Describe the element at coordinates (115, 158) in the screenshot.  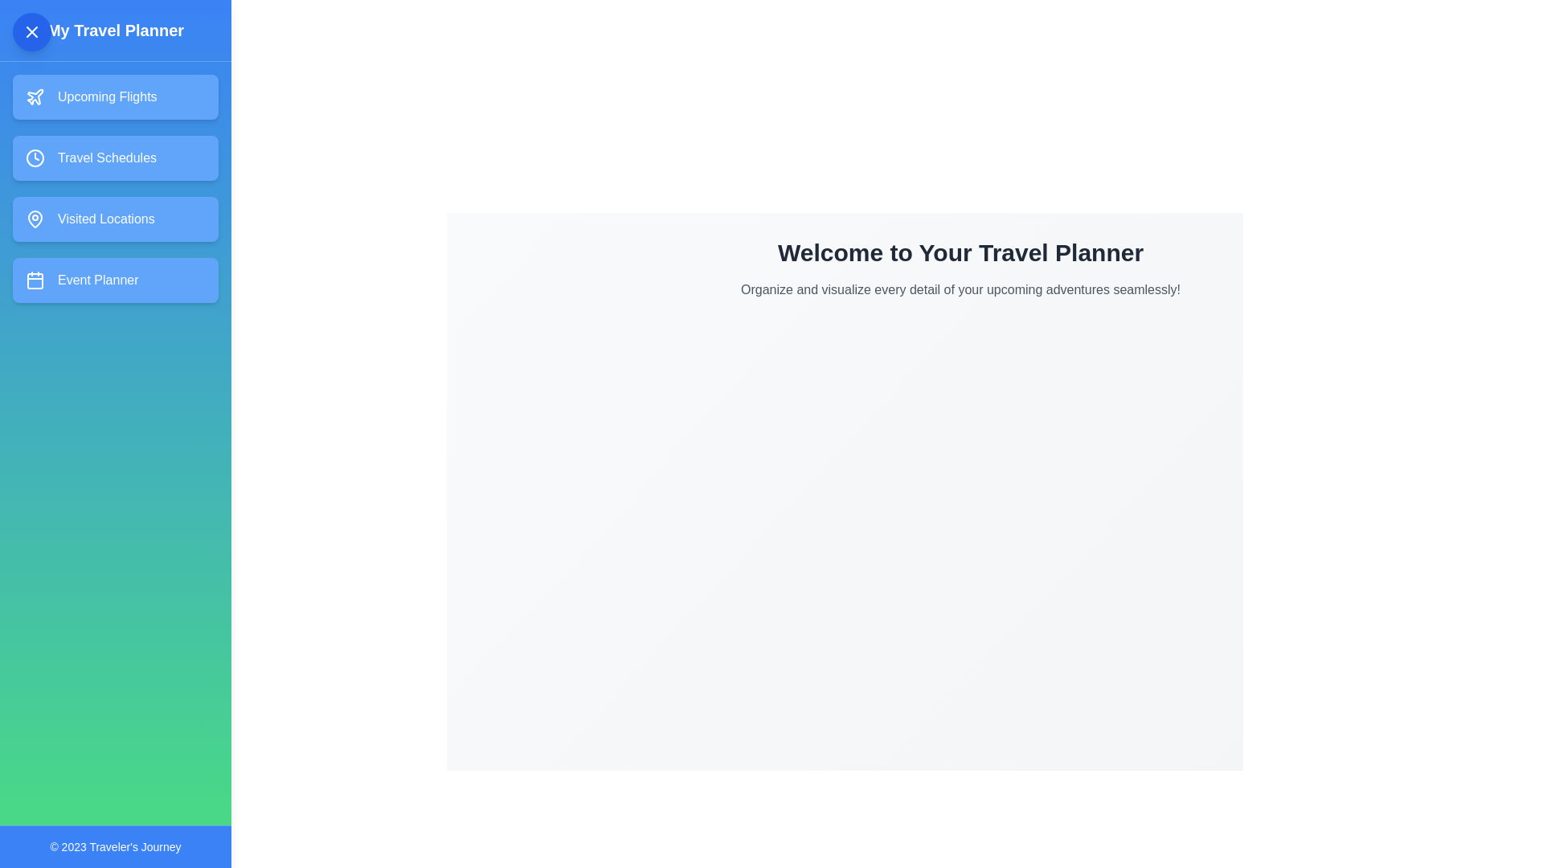
I see `the 'Travel Schedules' button with a blue background that changes to green when hovered, located in the sidebar below the 'Upcoming Flights' button` at that location.